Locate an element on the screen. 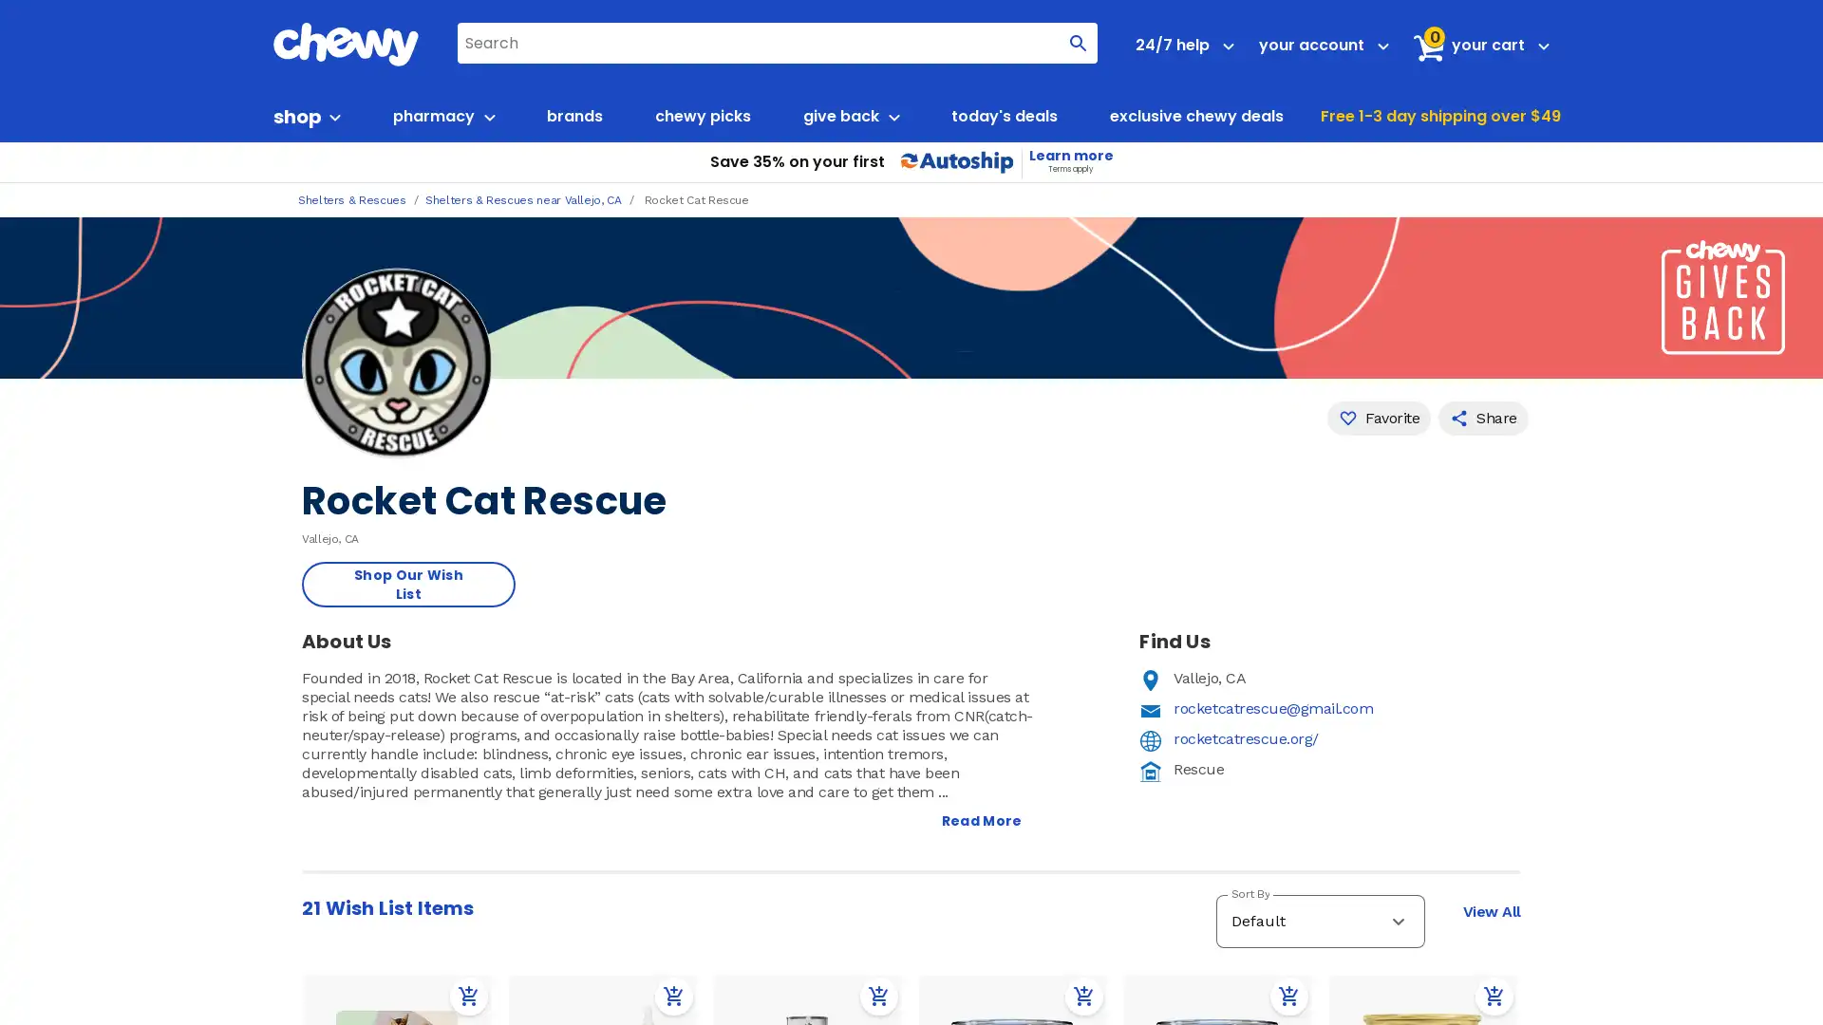 Image resolution: width=1823 pixels, height=1025 pixels. Add 1 item to cart. Friskies Classic Pate Liver & Chicken Dinner Canned Cat Food, 5.5-oz, case of 24 is located at coordinates (1289, 995).